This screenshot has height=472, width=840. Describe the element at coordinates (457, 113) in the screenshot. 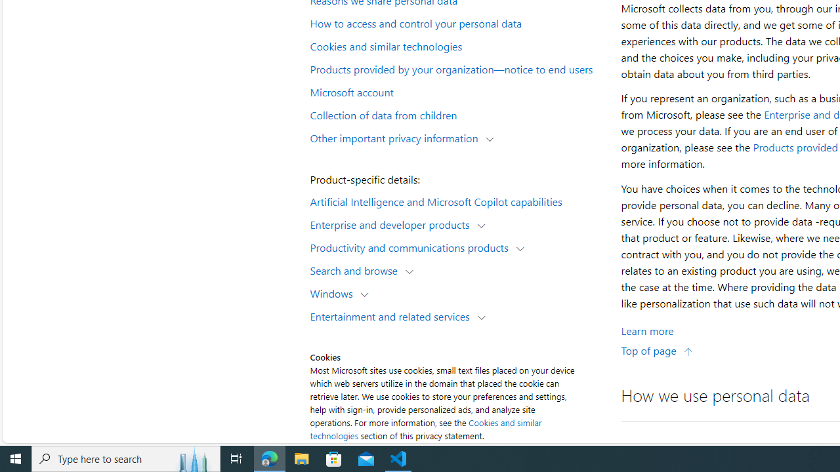

I see `'Collection of data from children'` at that location.